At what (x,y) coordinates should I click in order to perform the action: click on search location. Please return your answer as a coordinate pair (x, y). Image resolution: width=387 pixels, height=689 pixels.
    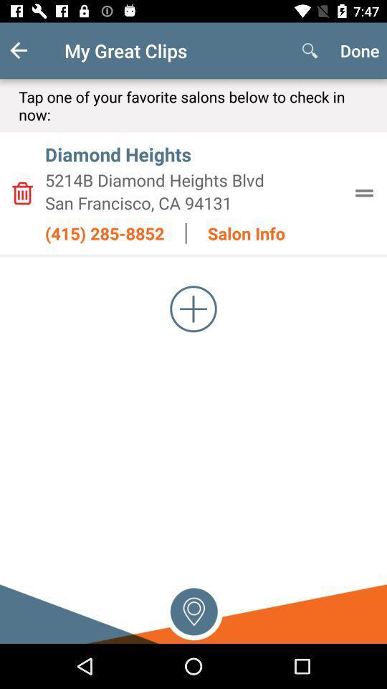
    Looking at the image, I should click on (193, 609).